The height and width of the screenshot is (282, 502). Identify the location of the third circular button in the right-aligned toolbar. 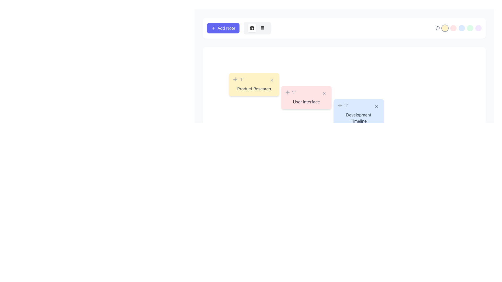
(458, 28).